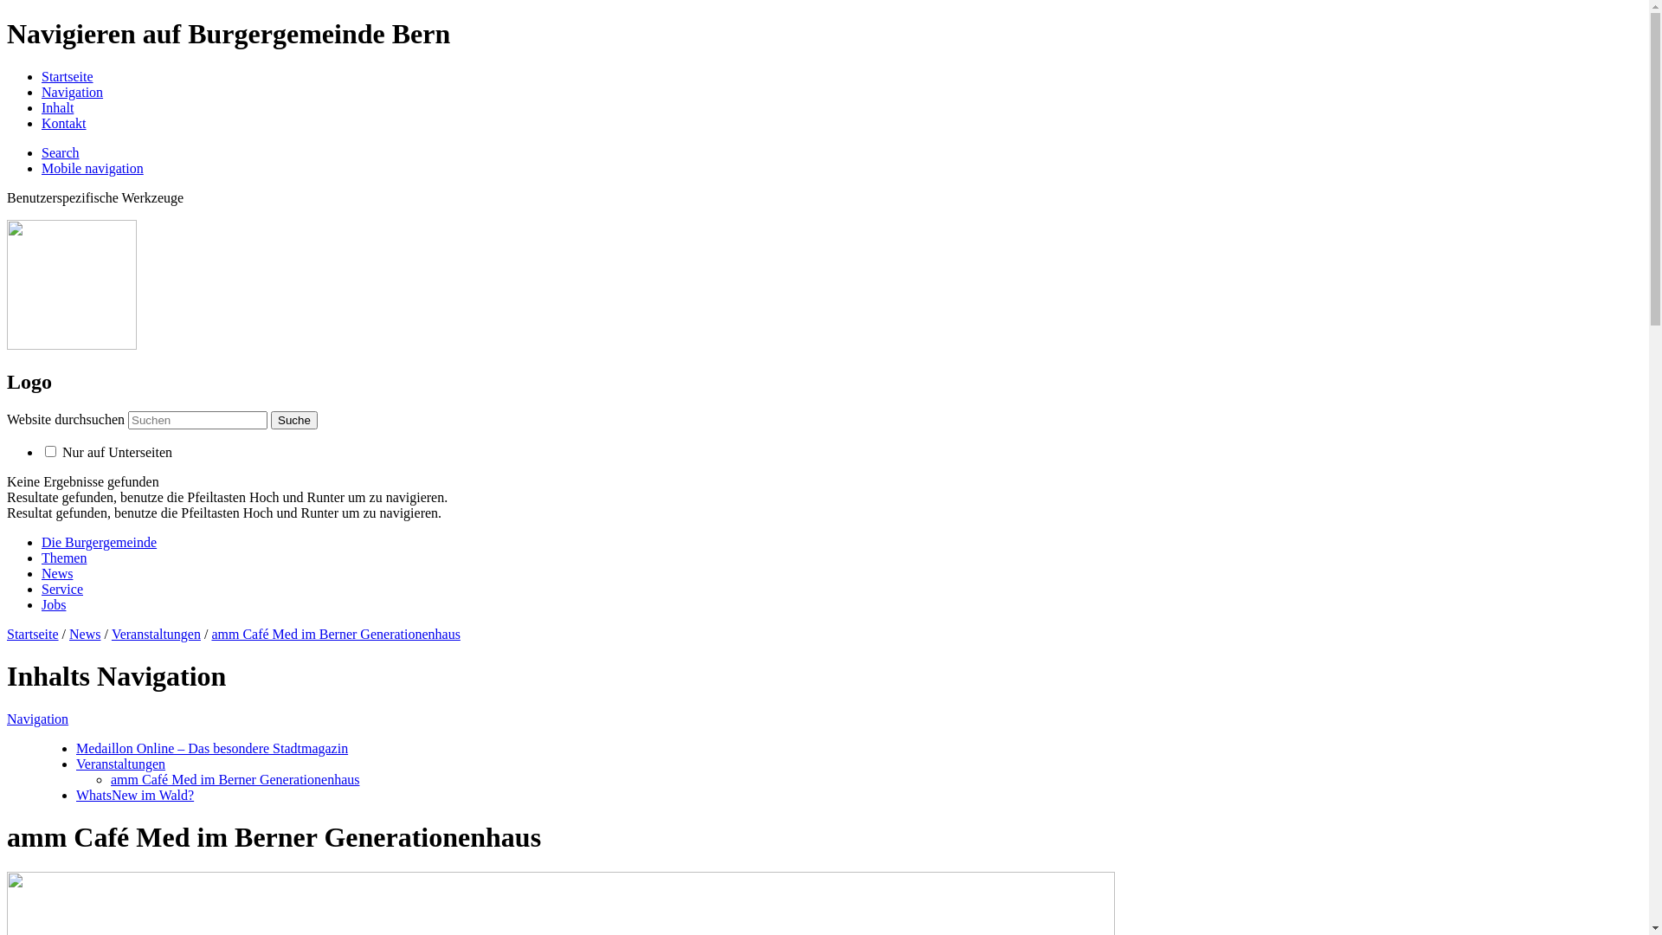 Image resolution: width=1662 pixels, height=935 pixels. Describe the element at coordinates (62, 588) in the screenshot. I see `'Service'` at that location.